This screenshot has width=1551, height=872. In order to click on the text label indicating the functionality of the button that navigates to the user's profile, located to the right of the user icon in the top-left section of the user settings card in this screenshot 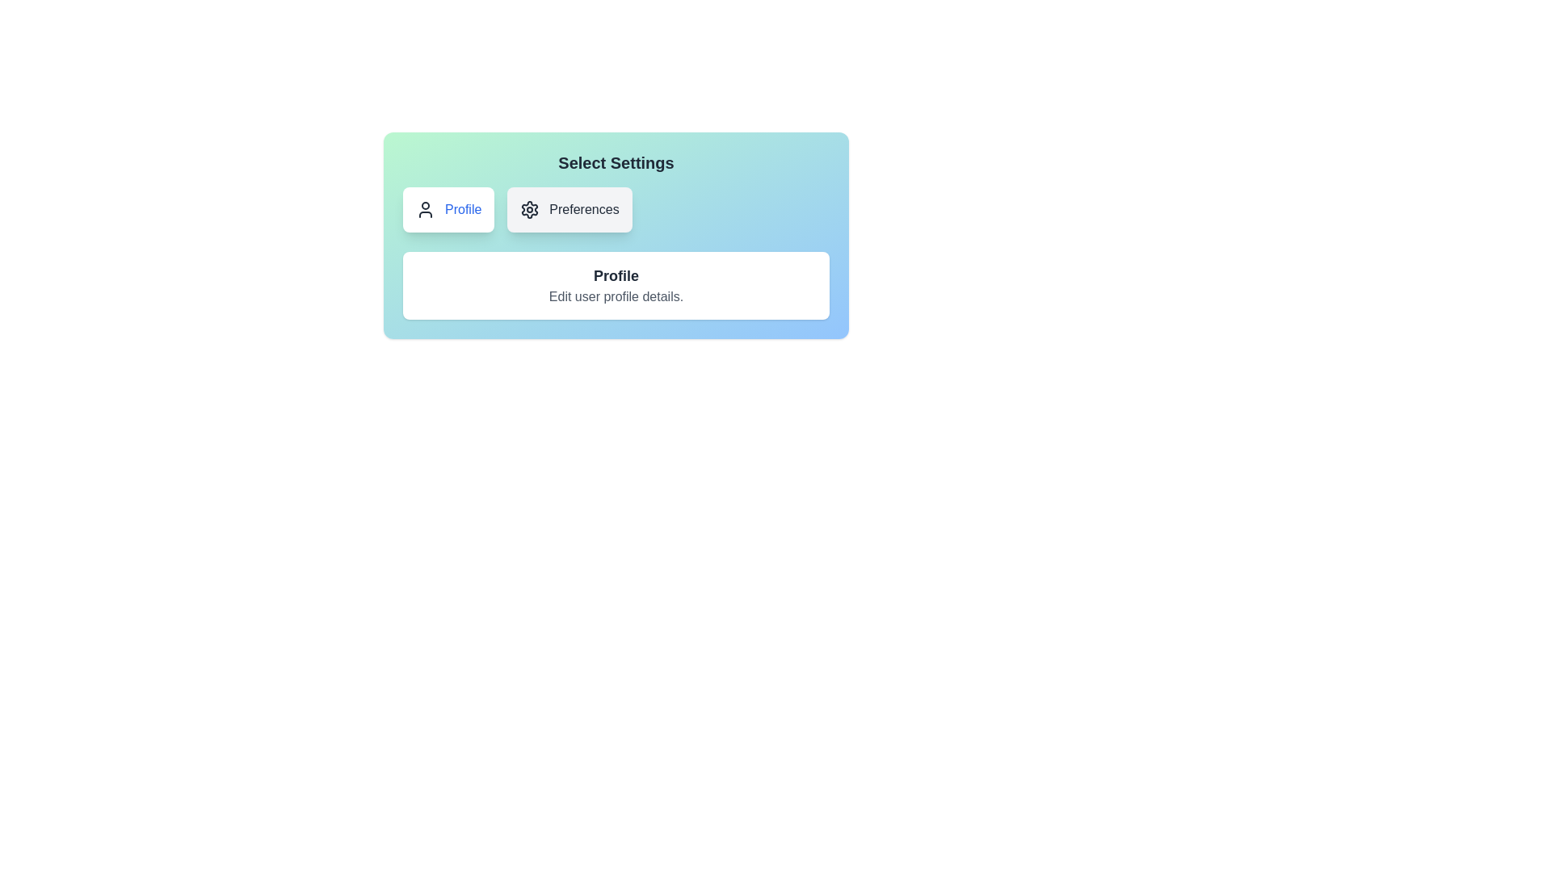, I will do `click(462, 208)`.